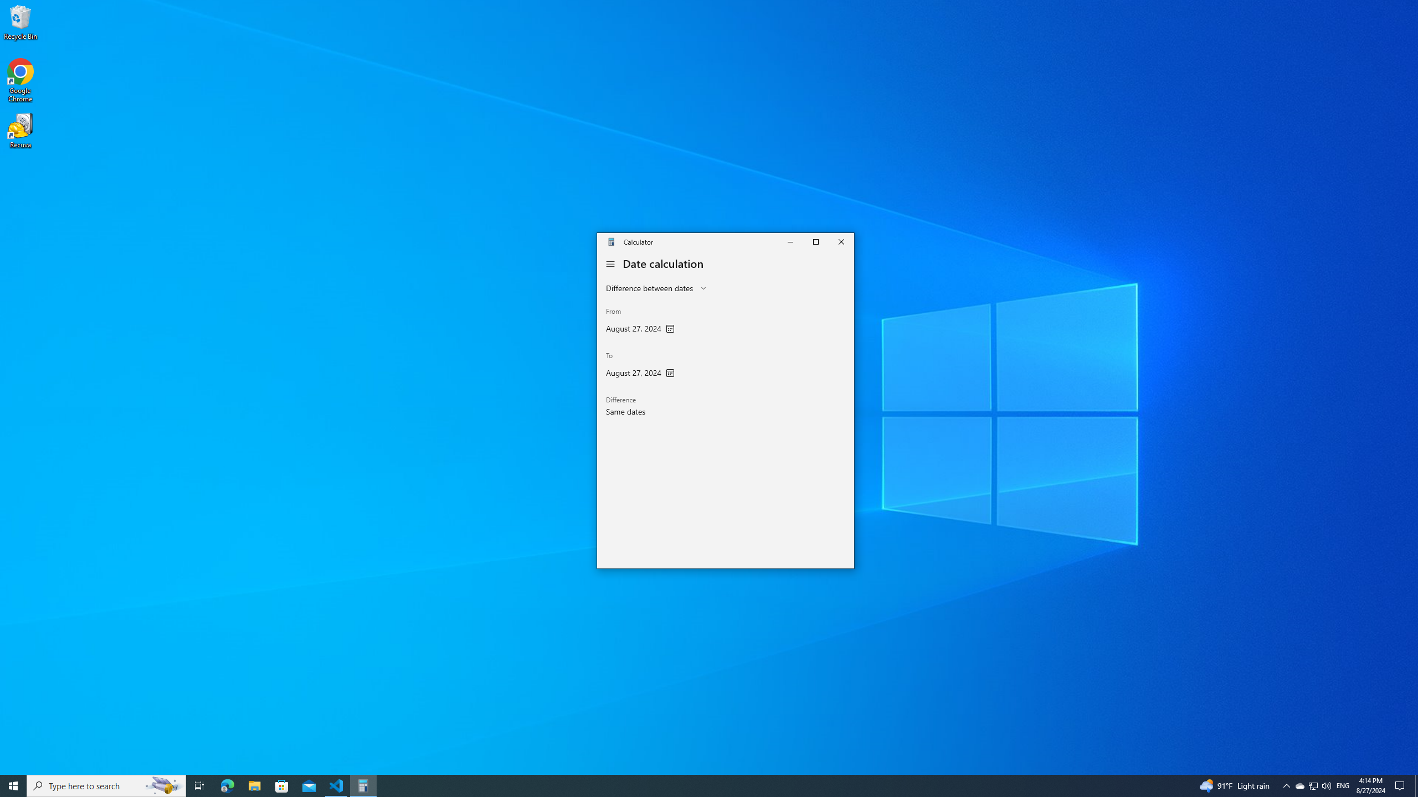 This screenshot has width=1418, height=797. Describe the element at coordinates (106, 785) in the screenshot. I see `'Type here to search'` at that location.